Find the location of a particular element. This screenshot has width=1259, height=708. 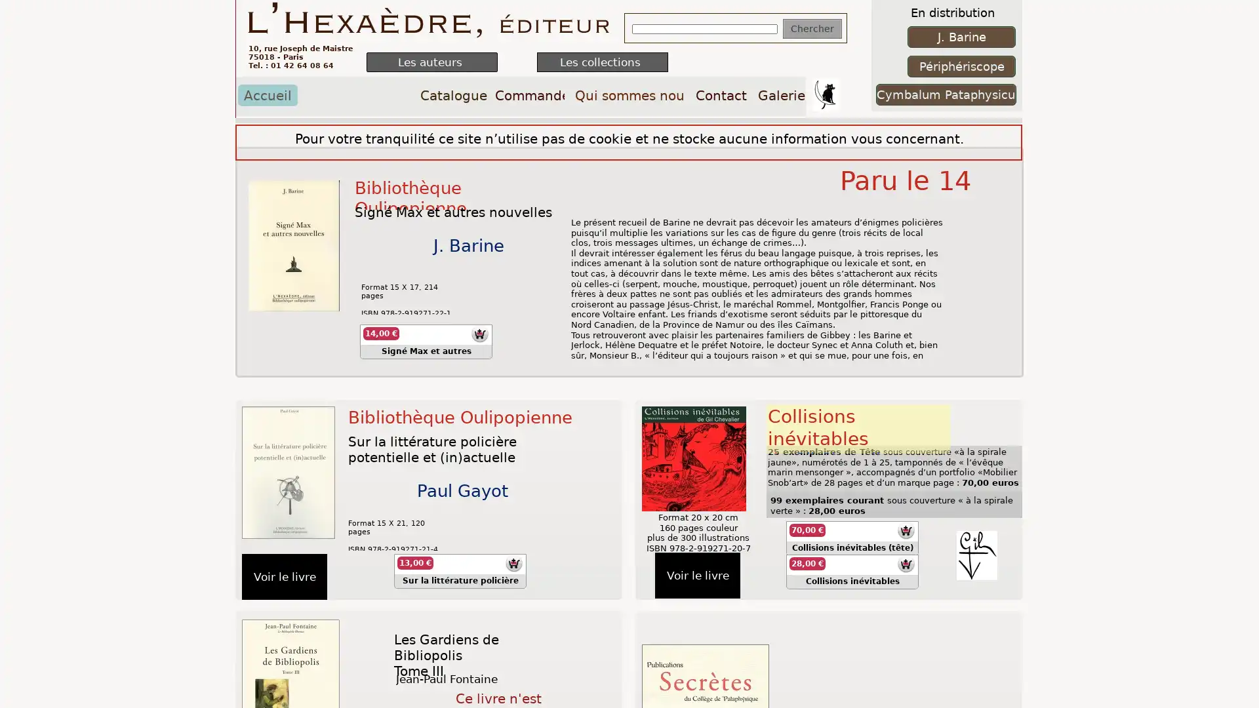

Peripheriscope is located at coordinates (961, 66).